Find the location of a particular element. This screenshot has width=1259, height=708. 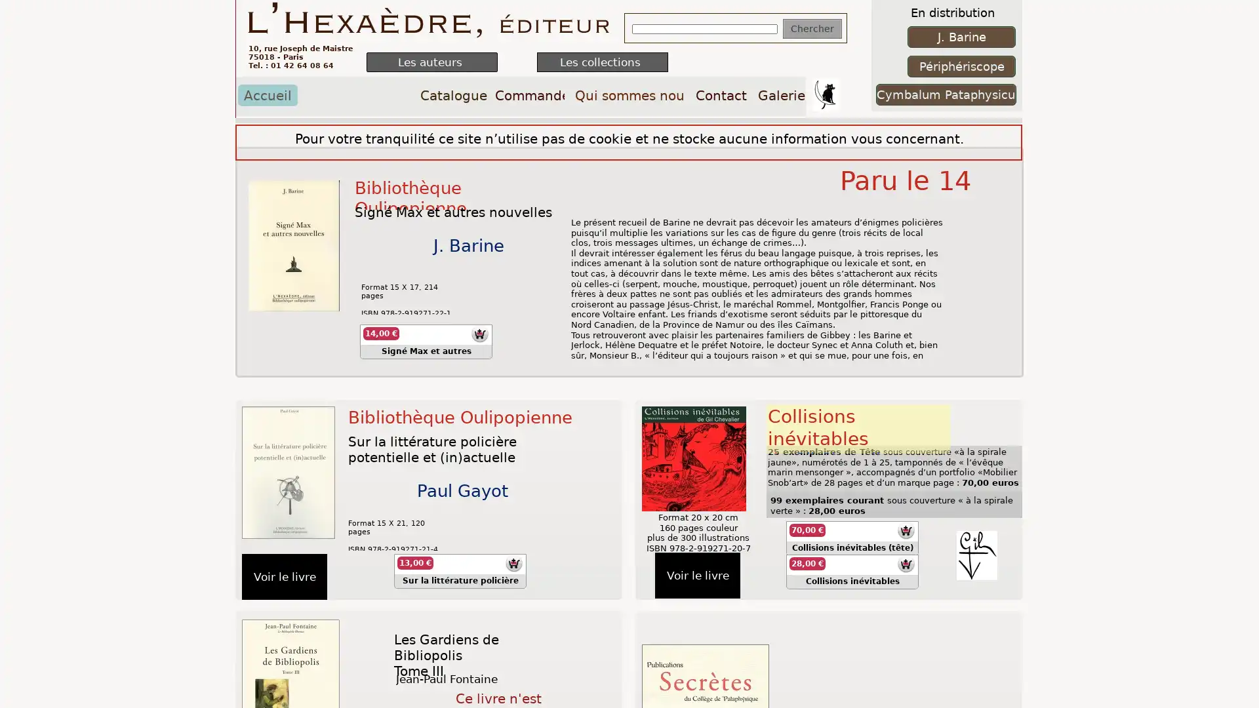

Peripheriscope is located at coordinates (961, 66).